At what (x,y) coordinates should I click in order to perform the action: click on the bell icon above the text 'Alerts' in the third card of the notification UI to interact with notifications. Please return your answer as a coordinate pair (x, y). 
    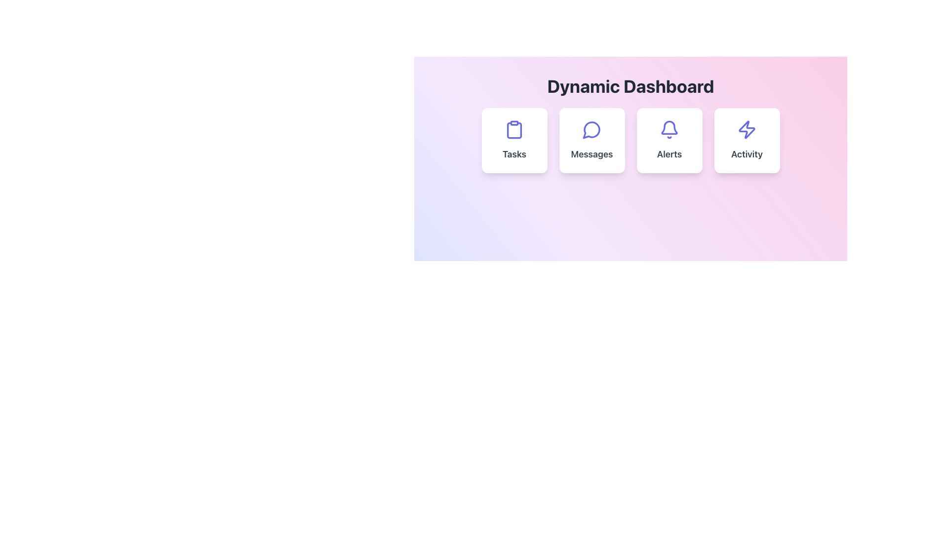
    Looking at the image, I should click on (670, 127).